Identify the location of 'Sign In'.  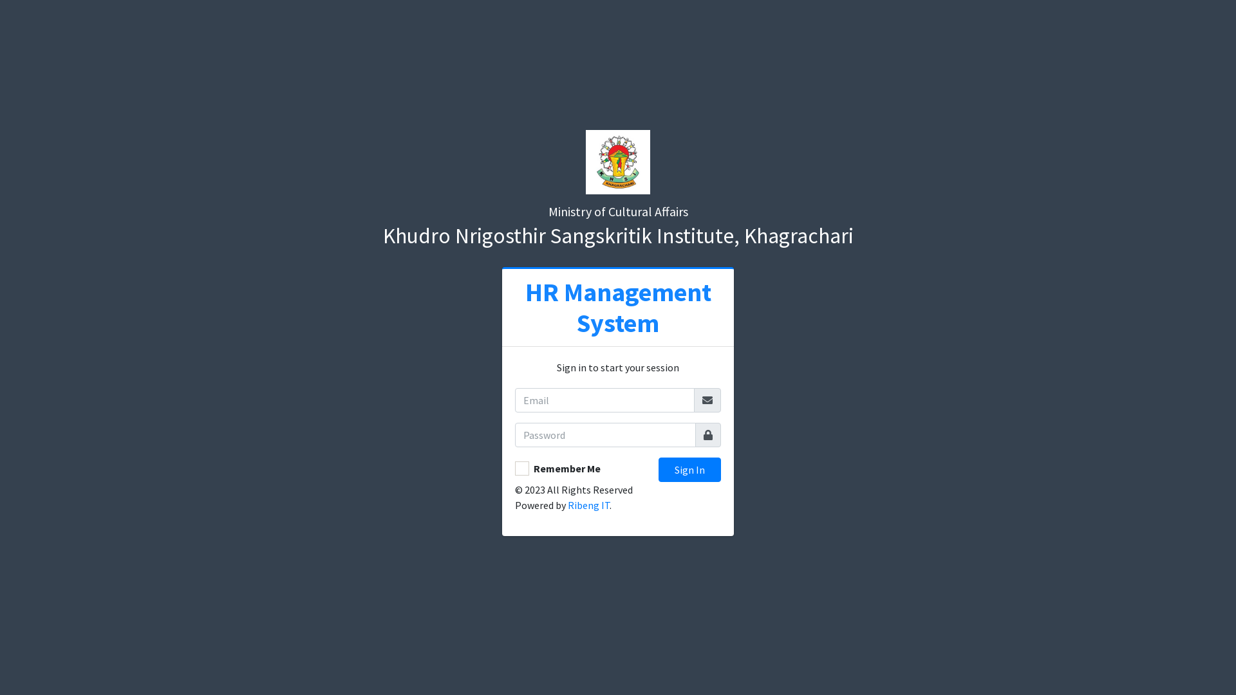
(689, 469).